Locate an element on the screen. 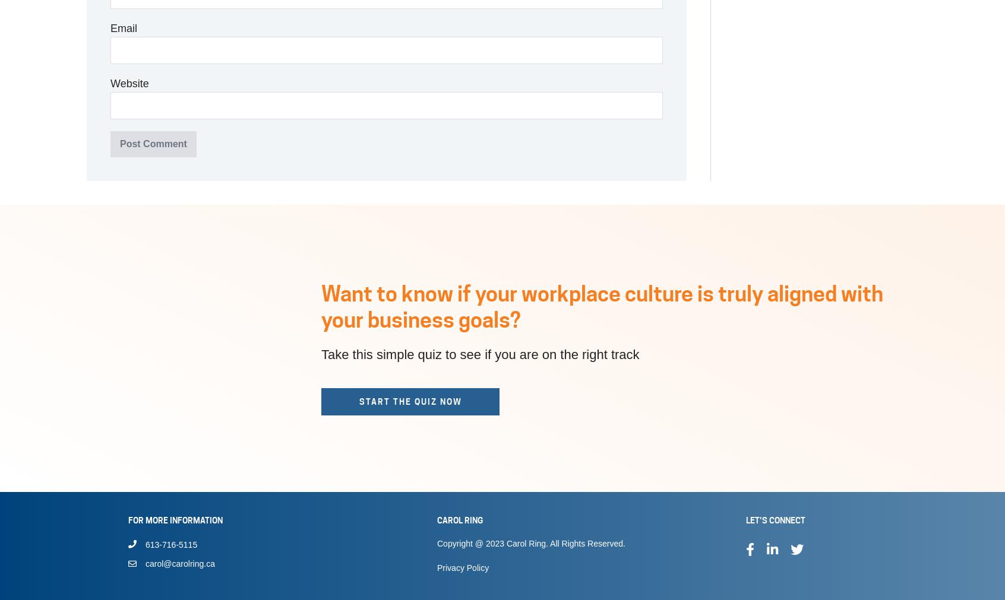 Image resolution: width=1005 pixels, height=600 pixels. 'For More Information' is located at coordinates (175, 520).